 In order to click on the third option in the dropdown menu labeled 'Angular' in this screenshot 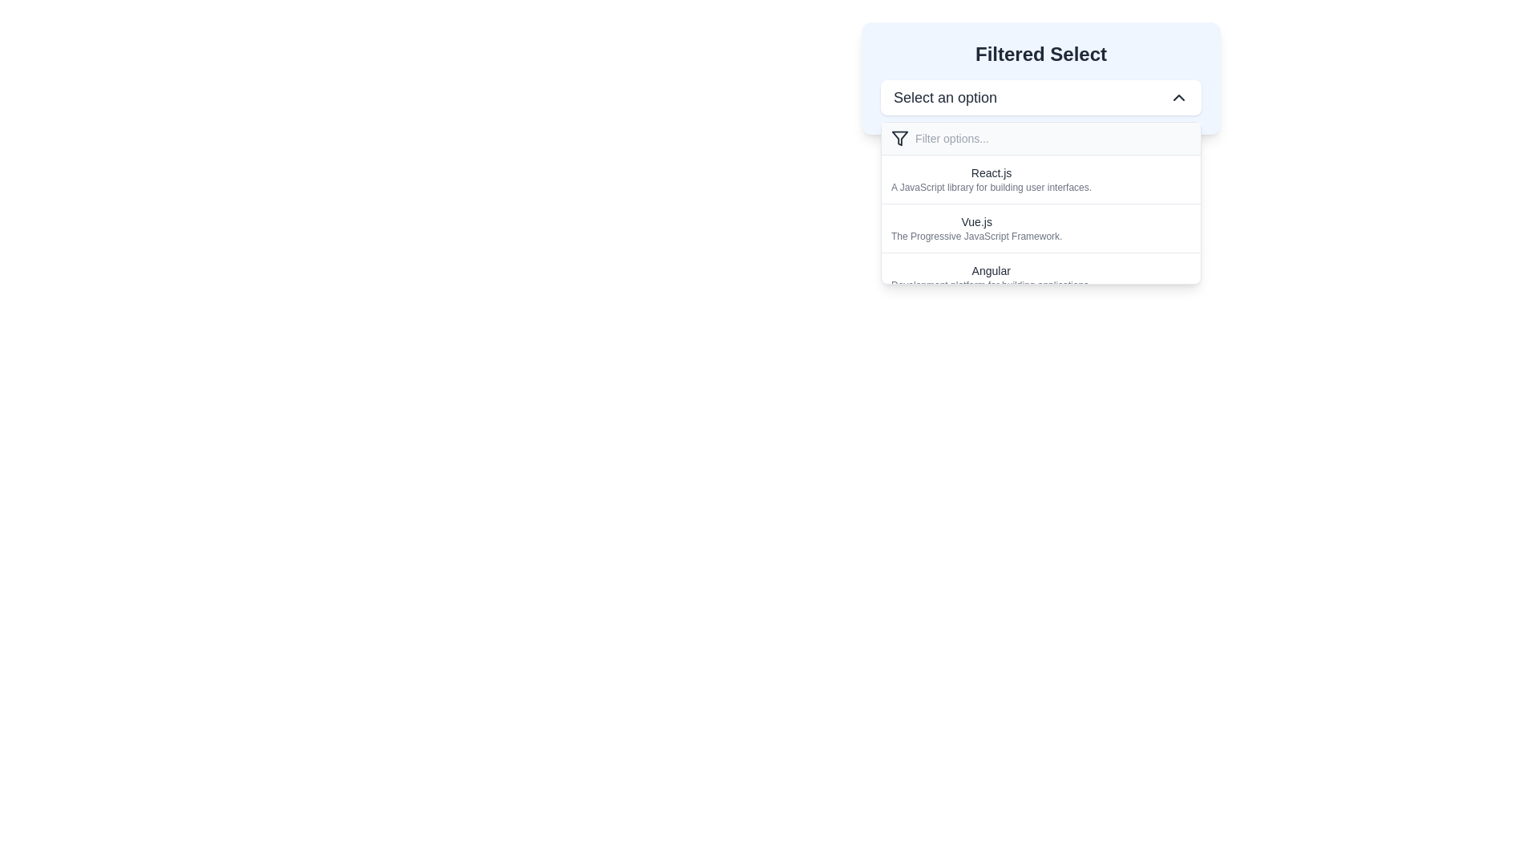, I will do `click(990, 277)`.